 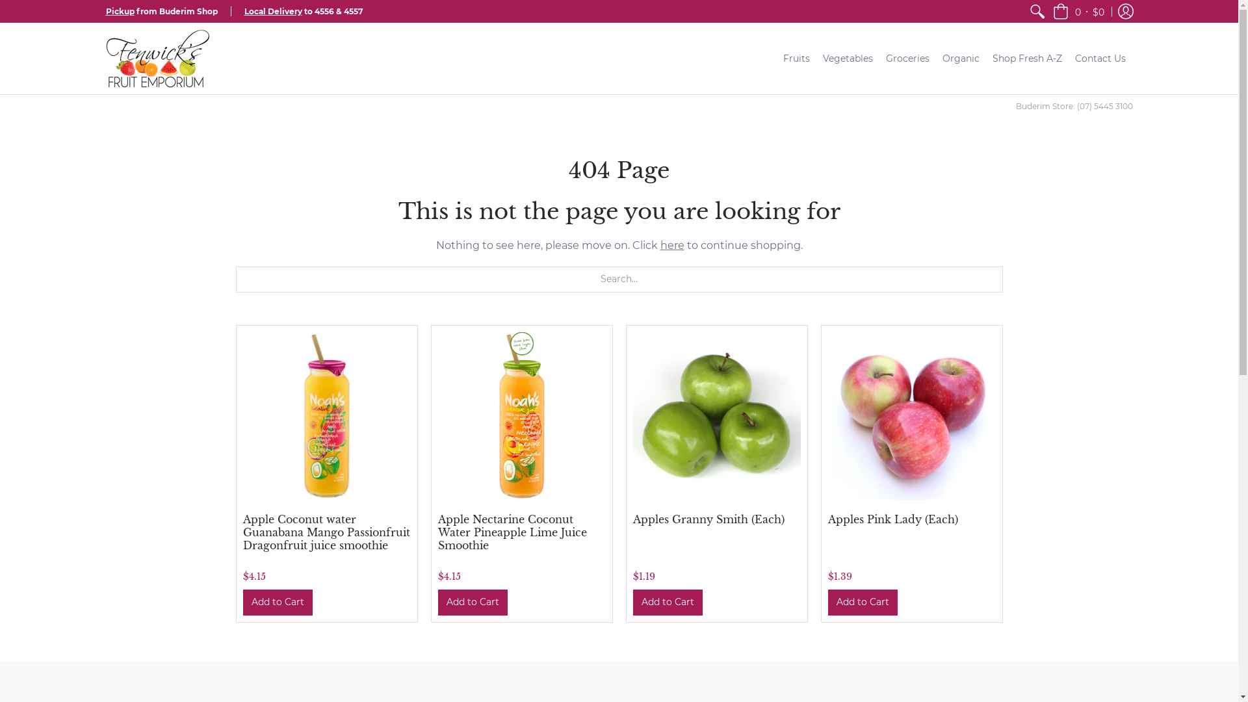 What do you see at coordinates (1124, 11) in the screenshot?
I see `'Log in'` at bounding box center [1124, 11].